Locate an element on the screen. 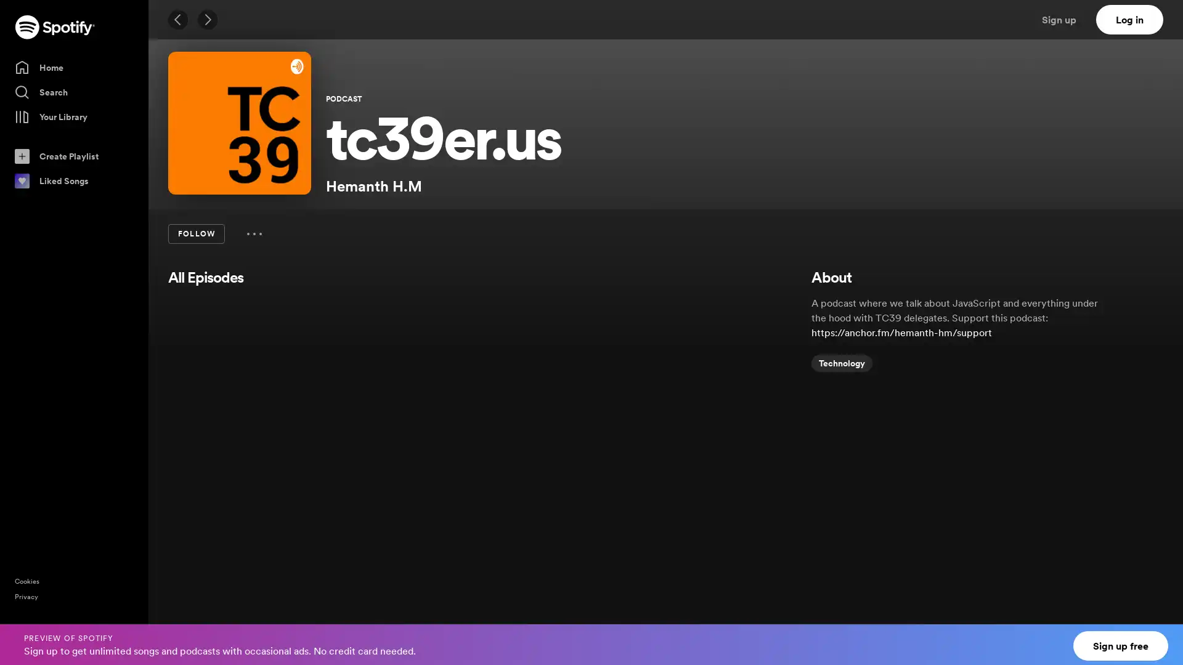 This screenshot has height=665, width=1183. Play Nicolo Ribaudo by tc39er.us is located at coordinates (261, 545).